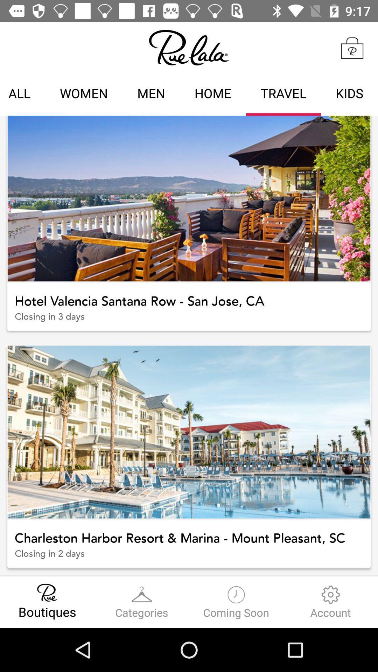  I want to click on icon next to men, so click(212, 94).